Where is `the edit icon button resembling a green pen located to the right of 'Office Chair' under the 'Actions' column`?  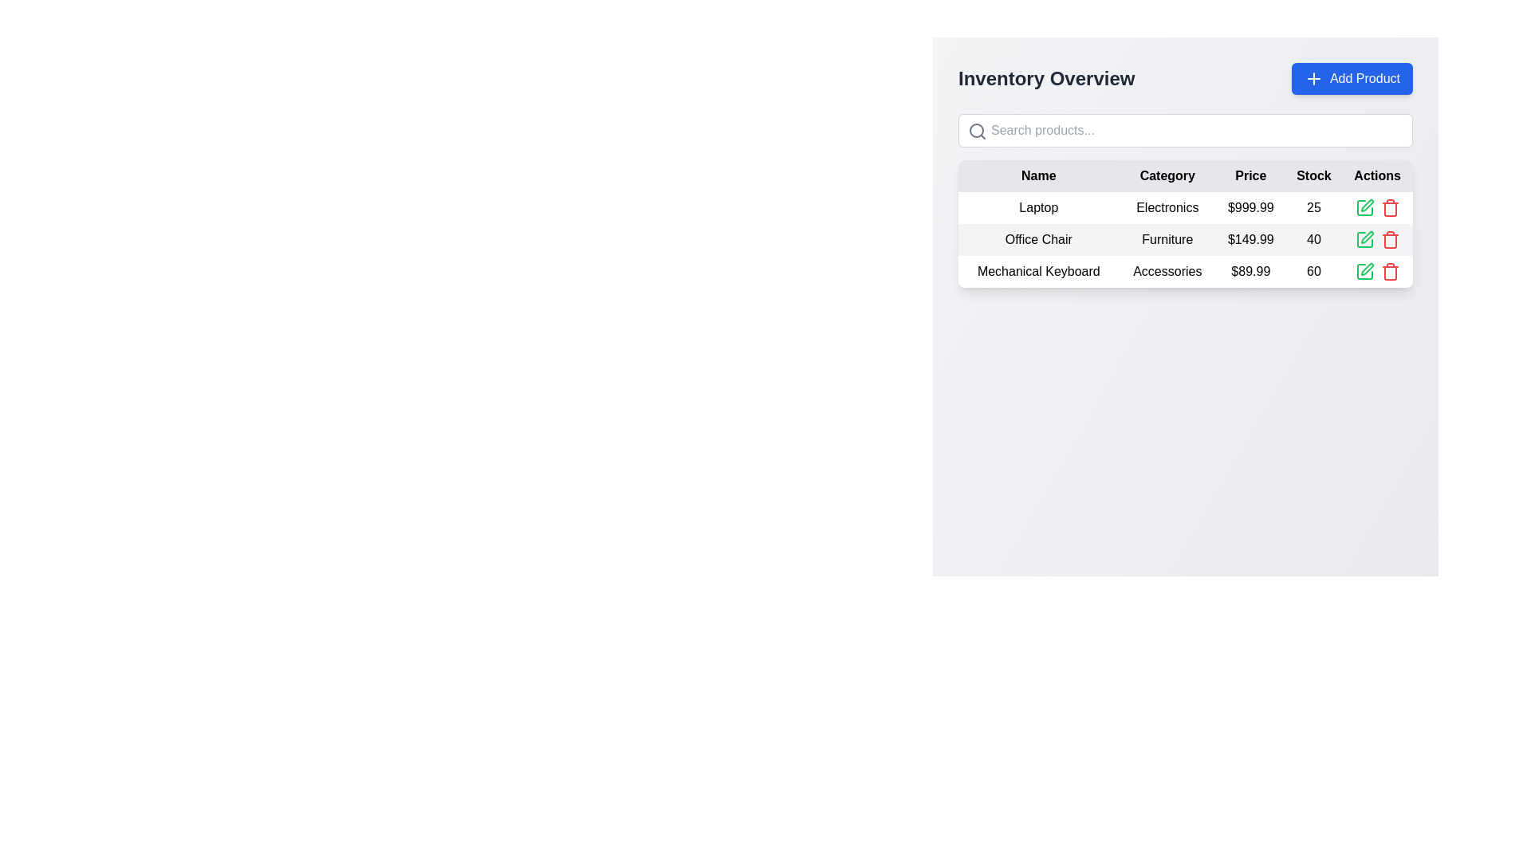
the edit icon button resembling a green pen located to the right of 'Office Chair' under the 'Actions' column is located at coordinates (1366, 205).